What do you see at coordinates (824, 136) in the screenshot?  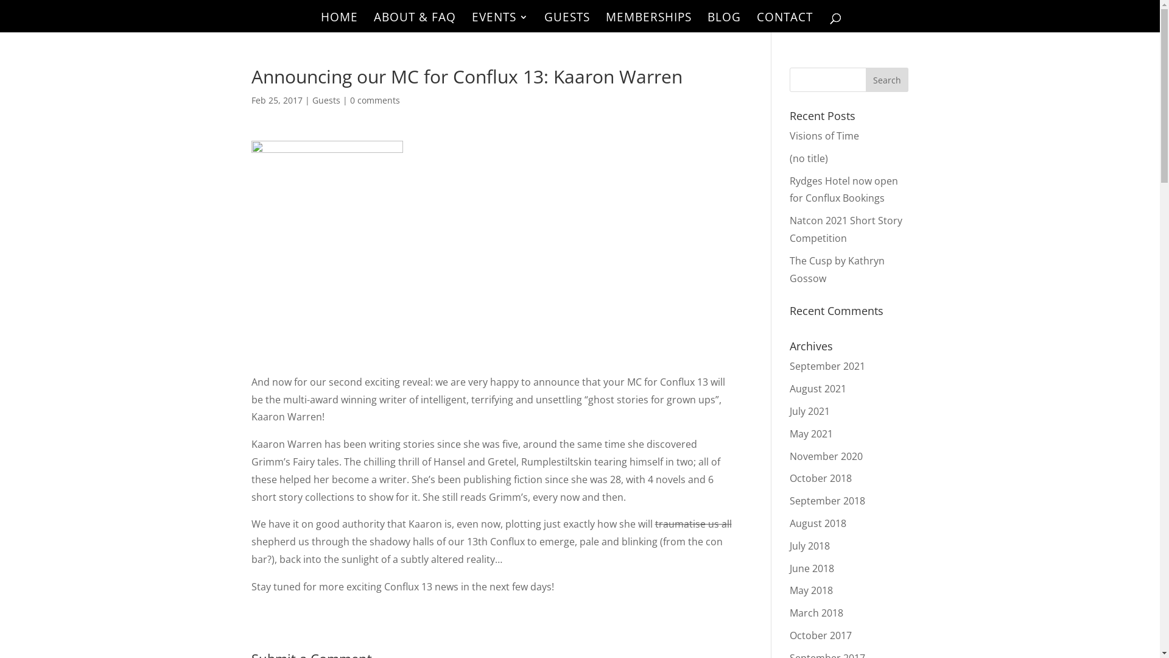 I see `'Visions of Time'` at bounding box center [824, 136].